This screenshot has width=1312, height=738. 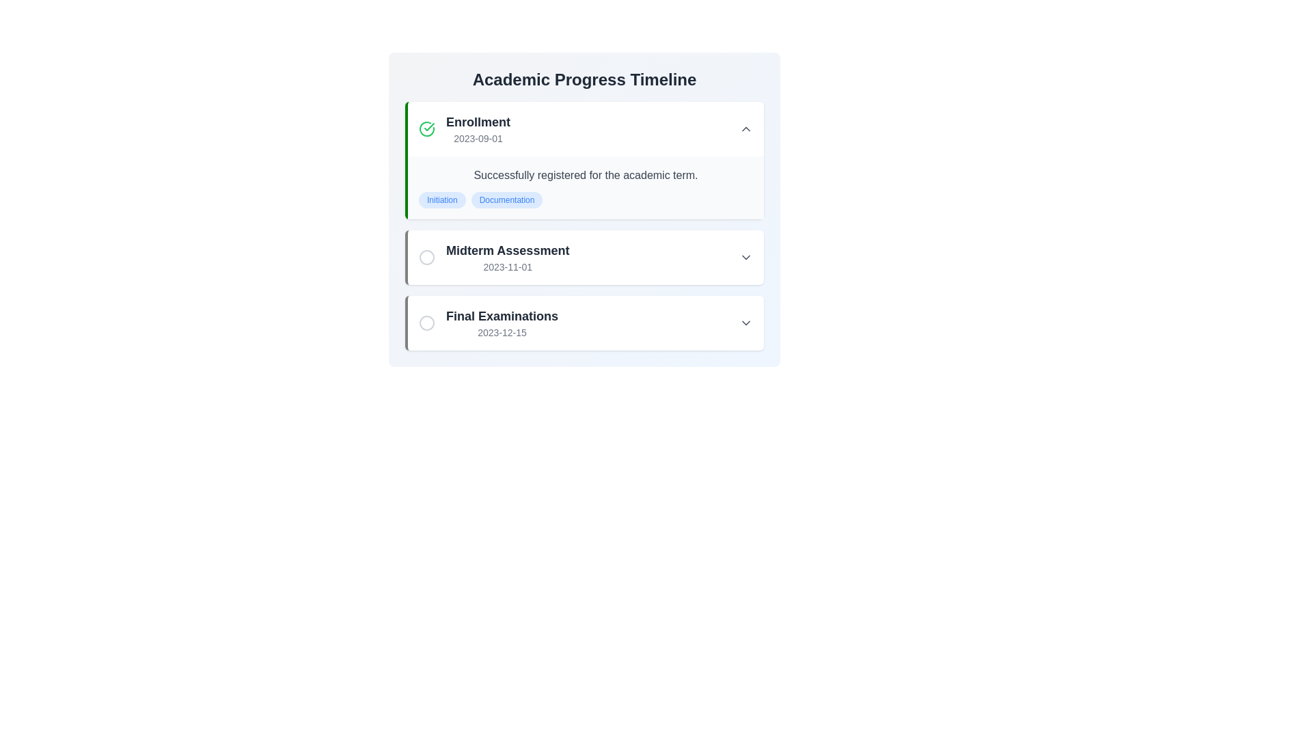 What do you see at coordinates (478, 129) in the screenshot?
I see `the text block displaying information about the enrollment process, which includes a larger title and a smaller date, prominently positioned under the 'Academic Progress Timeline.'` at bounding box center [478, 129].